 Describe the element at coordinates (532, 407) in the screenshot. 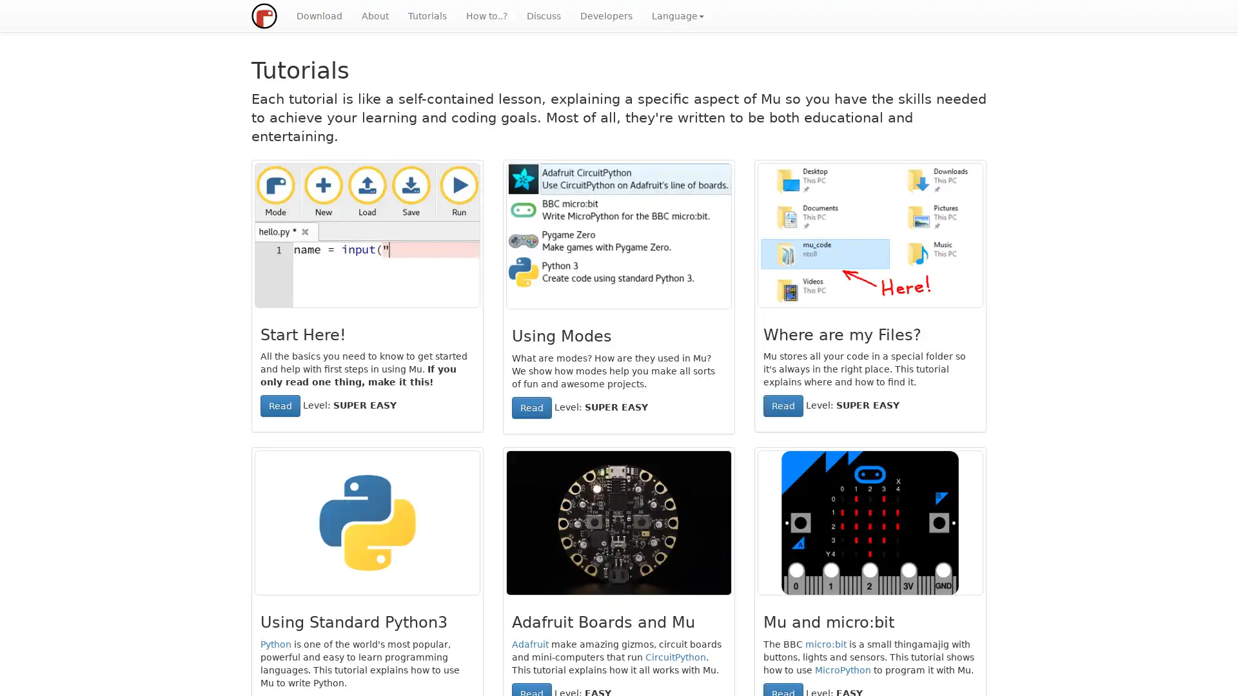

I see `Read` at that location.